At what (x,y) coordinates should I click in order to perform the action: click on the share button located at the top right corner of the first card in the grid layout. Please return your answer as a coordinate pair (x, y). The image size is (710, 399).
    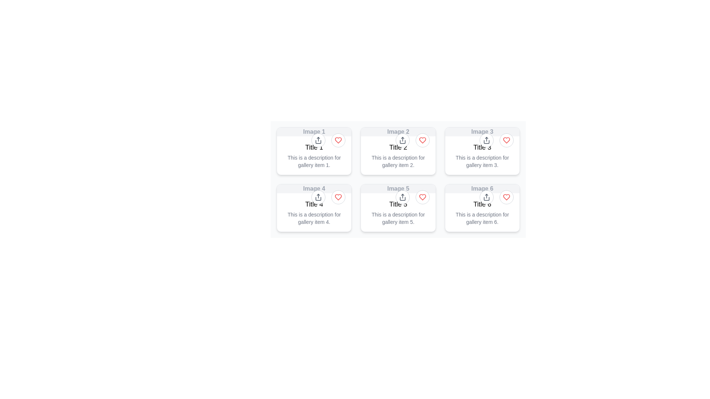
    Looking at the image, I should click on (318, 140).